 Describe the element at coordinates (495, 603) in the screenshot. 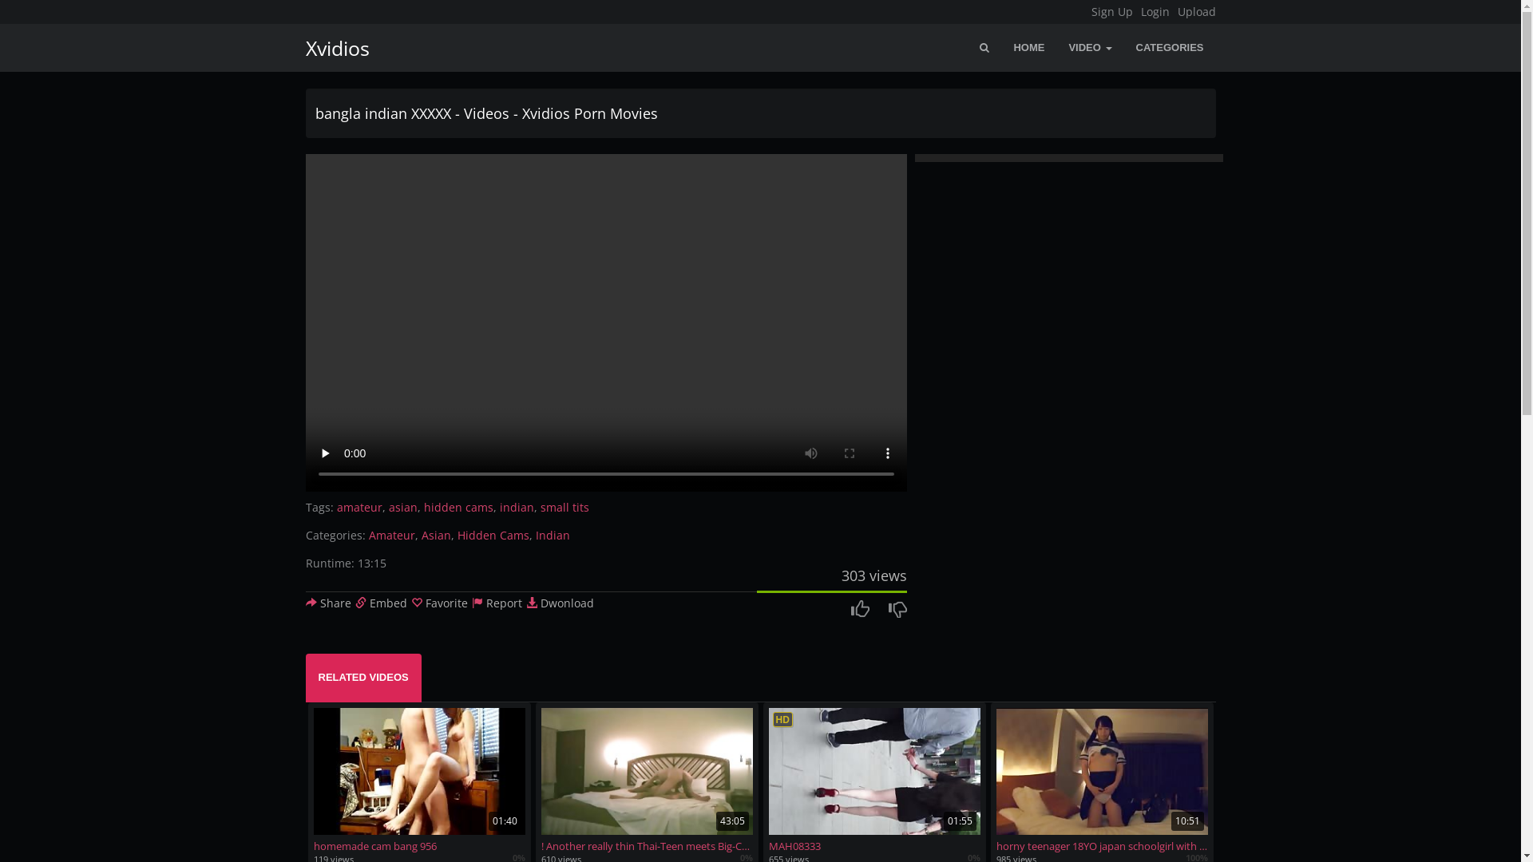

I see `'Report'` at that location.